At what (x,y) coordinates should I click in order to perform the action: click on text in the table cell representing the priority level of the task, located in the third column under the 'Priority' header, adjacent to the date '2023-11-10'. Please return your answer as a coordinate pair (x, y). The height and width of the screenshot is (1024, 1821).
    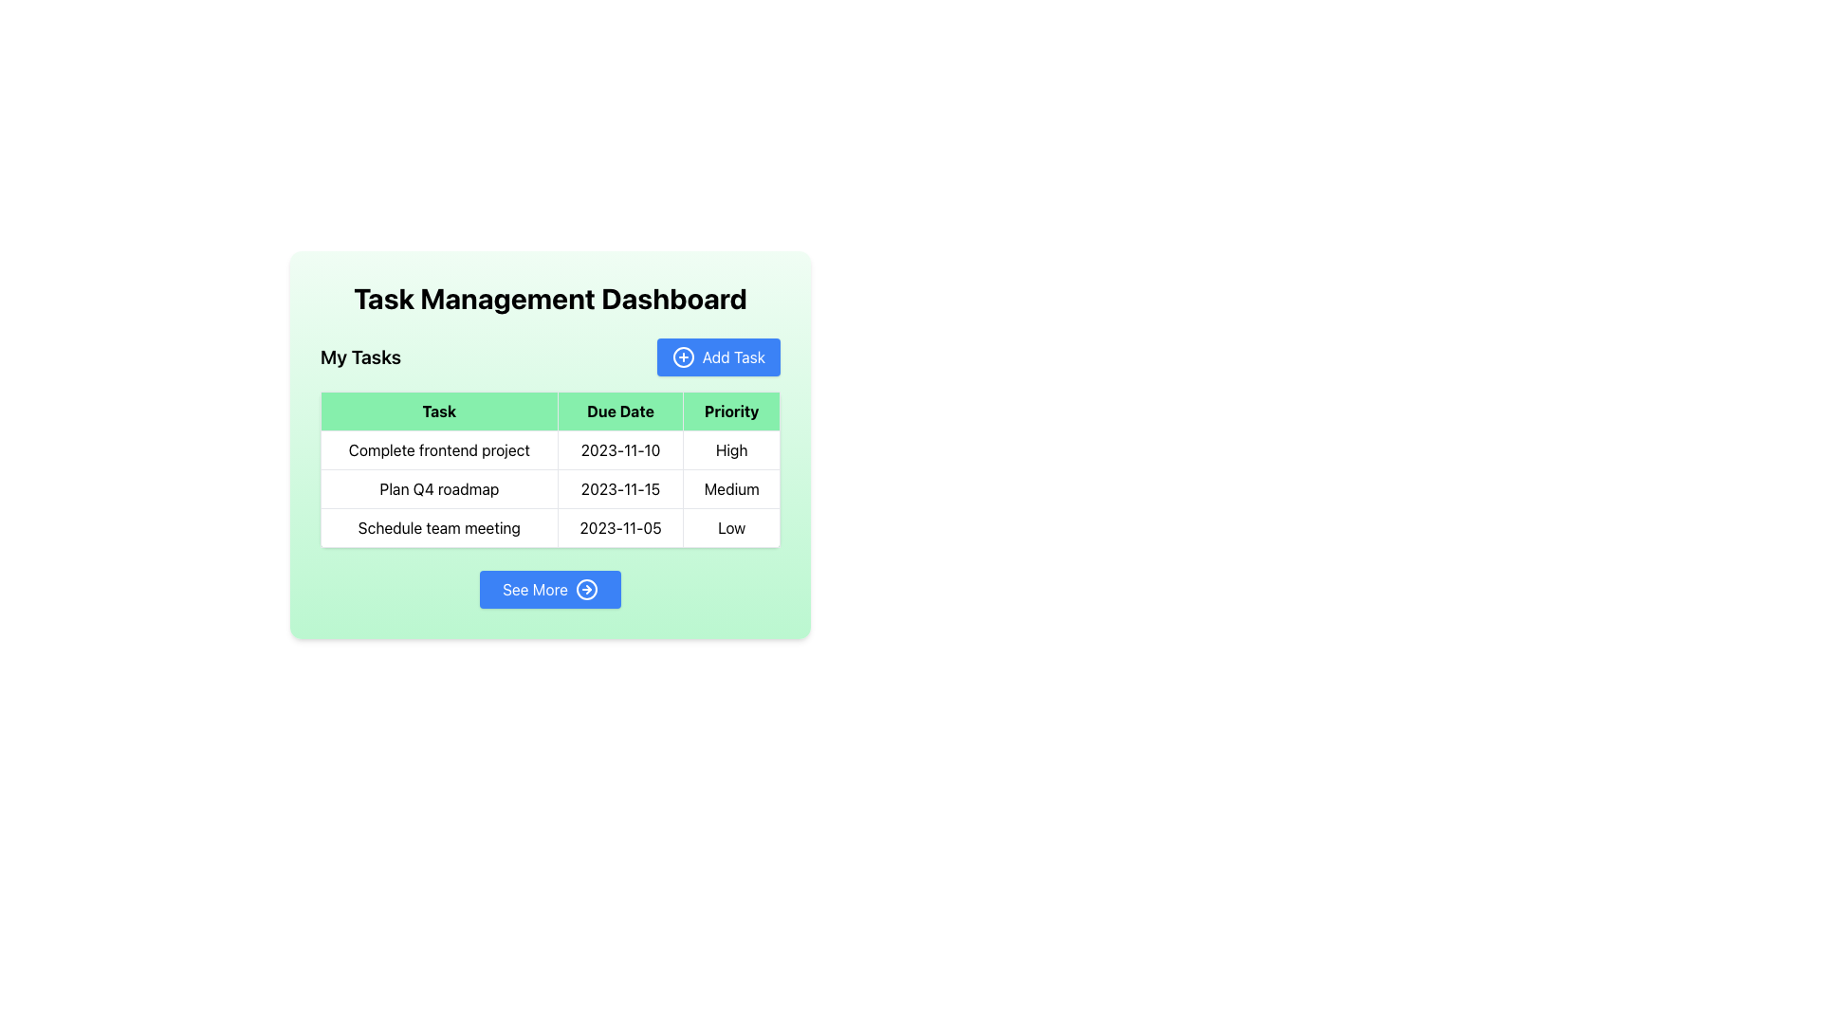
    Looking at the image, I should click on (730, 449).